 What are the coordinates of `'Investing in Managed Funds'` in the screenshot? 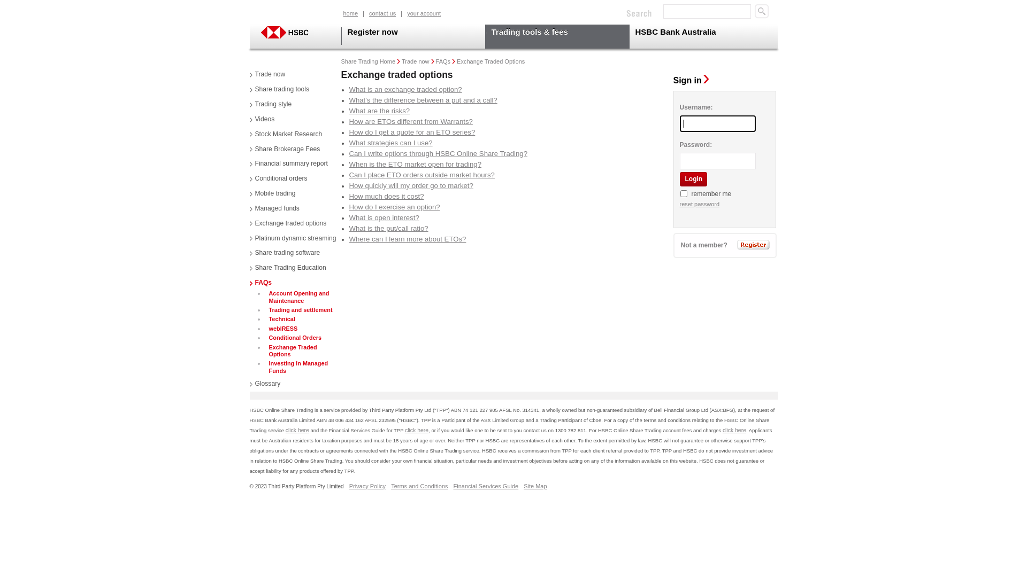 It's located at (266, 367).